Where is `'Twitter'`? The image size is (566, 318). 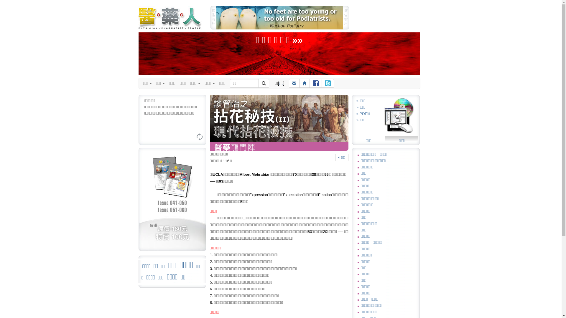
'Twitter' is located at coordinates (328, 83).